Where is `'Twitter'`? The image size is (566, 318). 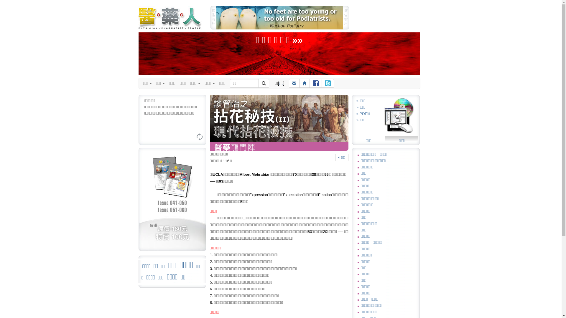
'Twitter' is located at coordinates (328, 83).